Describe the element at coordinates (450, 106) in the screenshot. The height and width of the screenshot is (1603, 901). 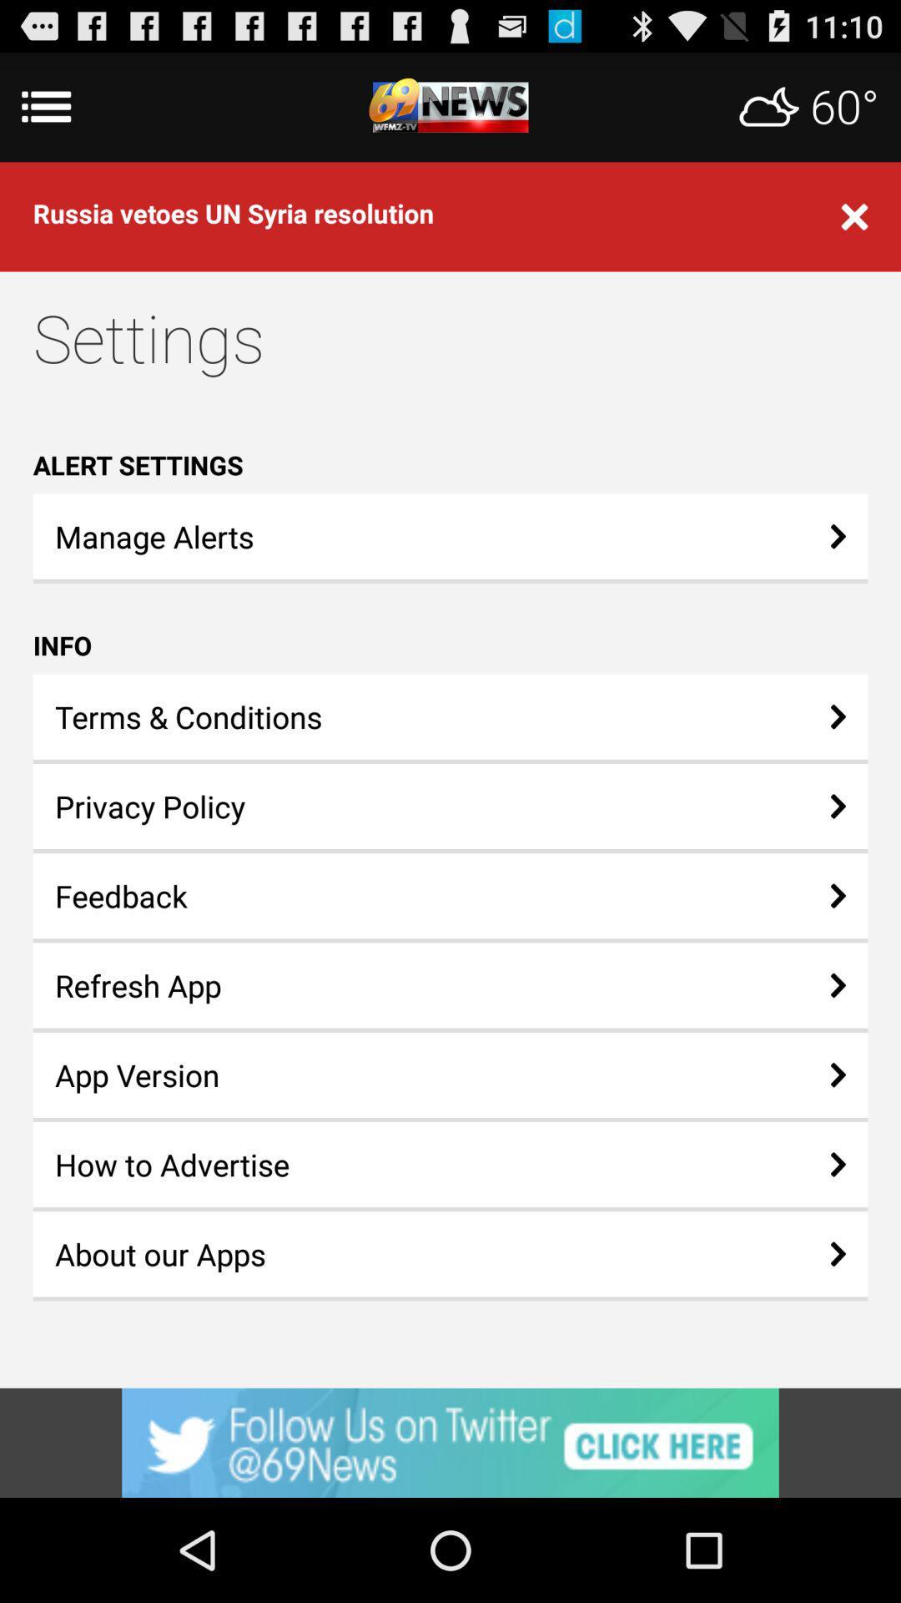
I see `open settings` at that location.